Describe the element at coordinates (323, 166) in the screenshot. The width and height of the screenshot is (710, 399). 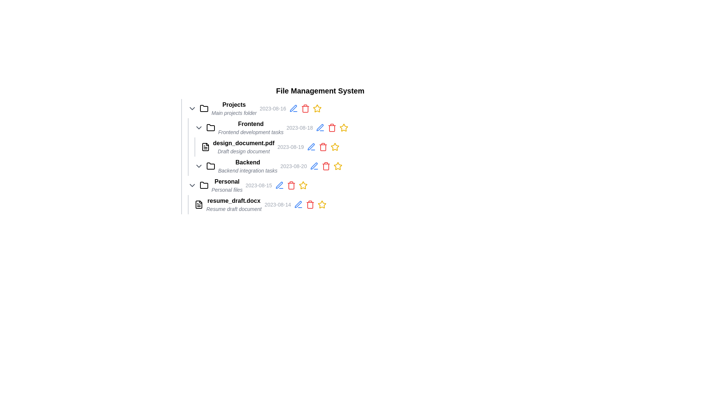
I see `the pencil icon` at that location.